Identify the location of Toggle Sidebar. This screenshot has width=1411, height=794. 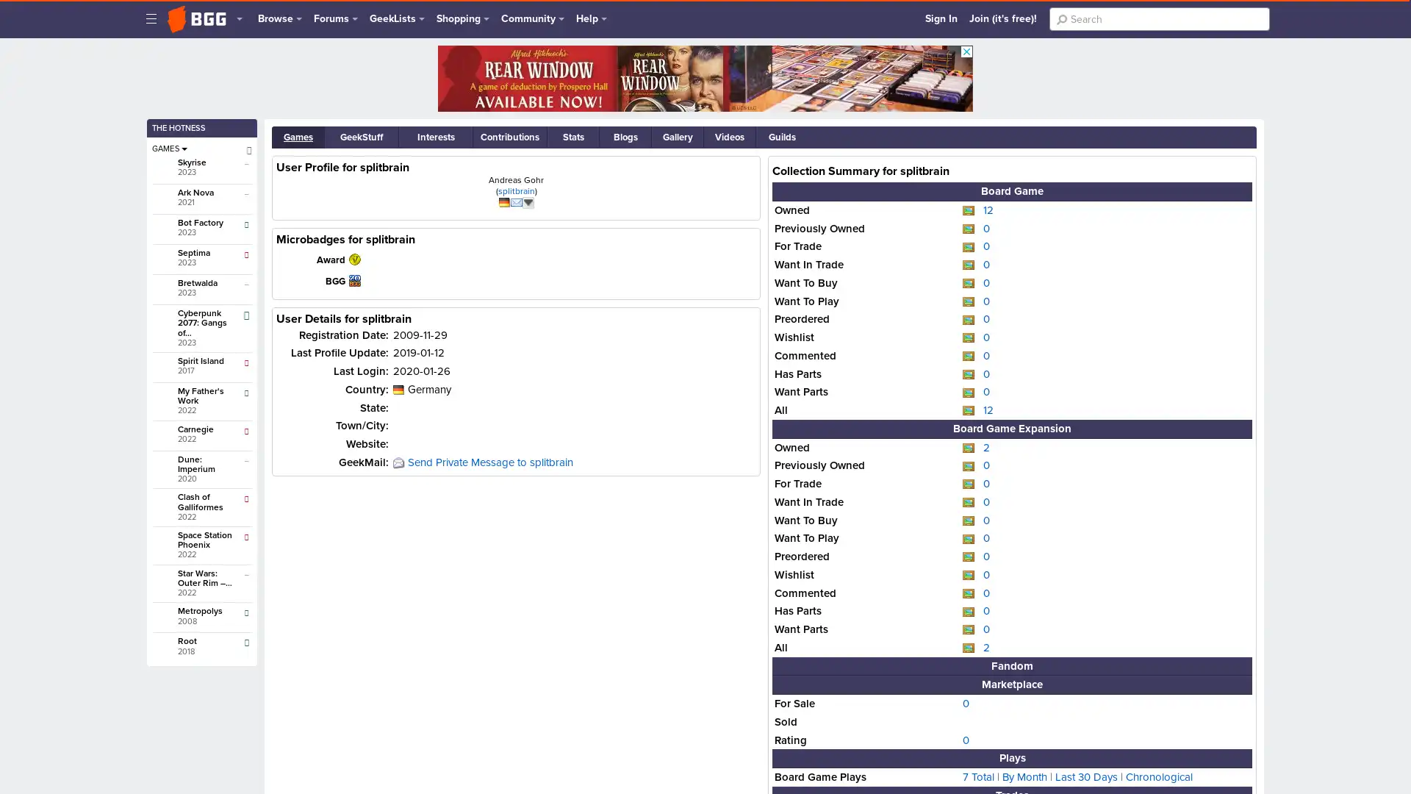
(151, 18).